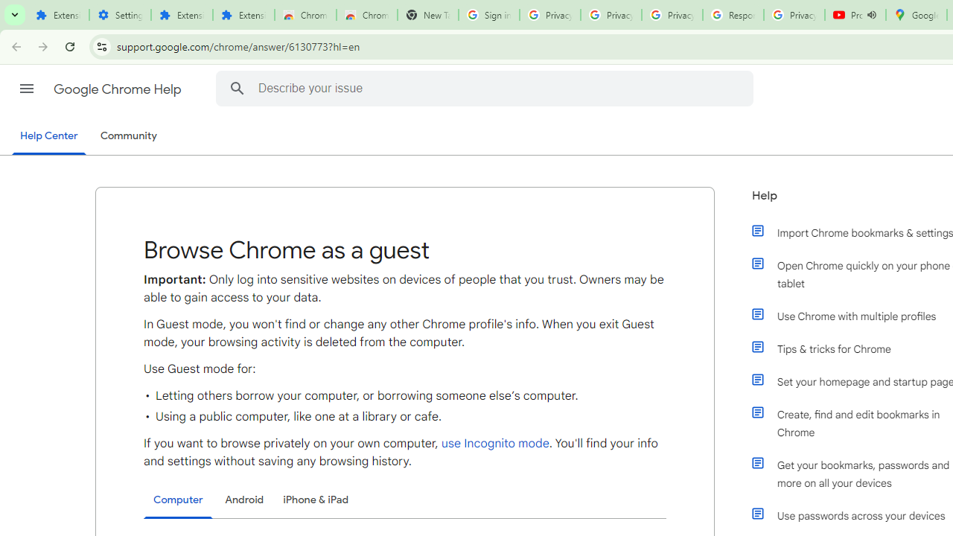 This screenshot has width=953, height=536. Describe the element at coordinates (178, 500) in the screenshot. I see `'Computer'` at that location.